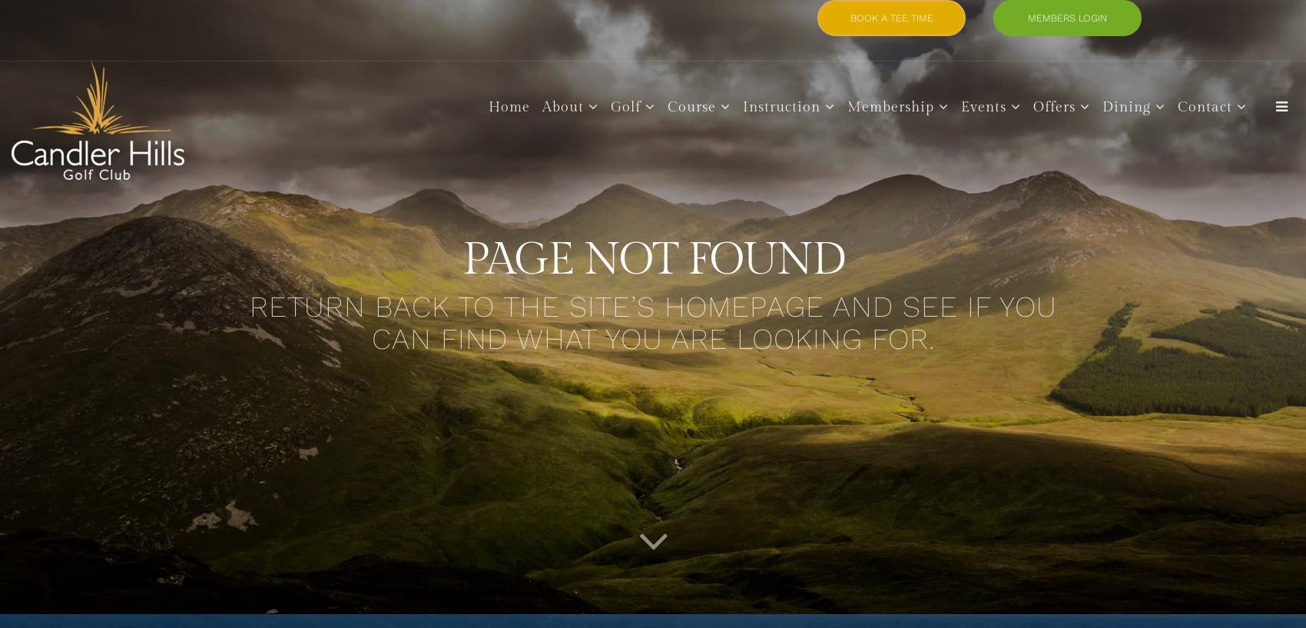  I want to click on 'Events', so click(960, 106).